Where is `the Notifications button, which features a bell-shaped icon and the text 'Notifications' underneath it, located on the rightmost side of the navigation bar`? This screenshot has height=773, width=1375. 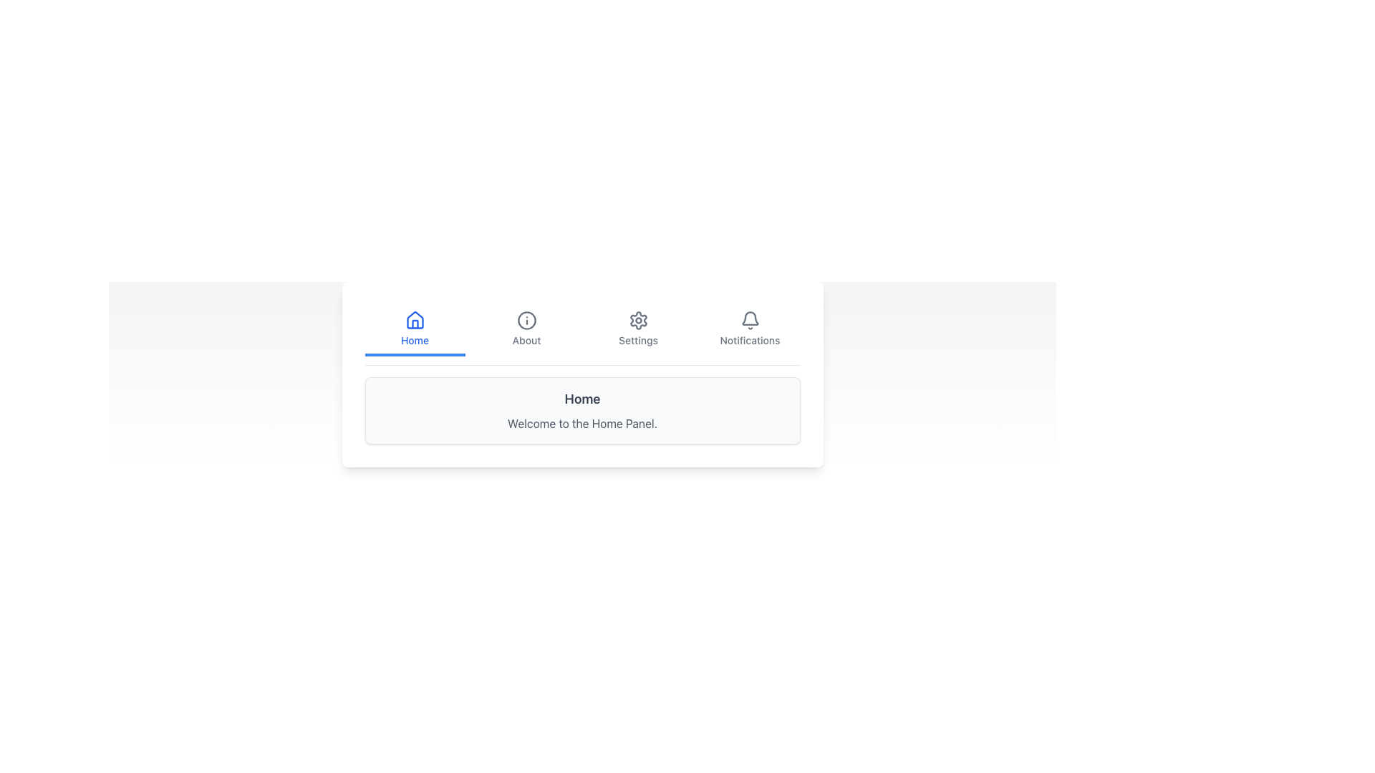
the Notifications button, which features a bell-shaped icon and the text 'Notifications' underneath it, located on the rightmost side of the navigation bar is located at coordinates (749, 331).